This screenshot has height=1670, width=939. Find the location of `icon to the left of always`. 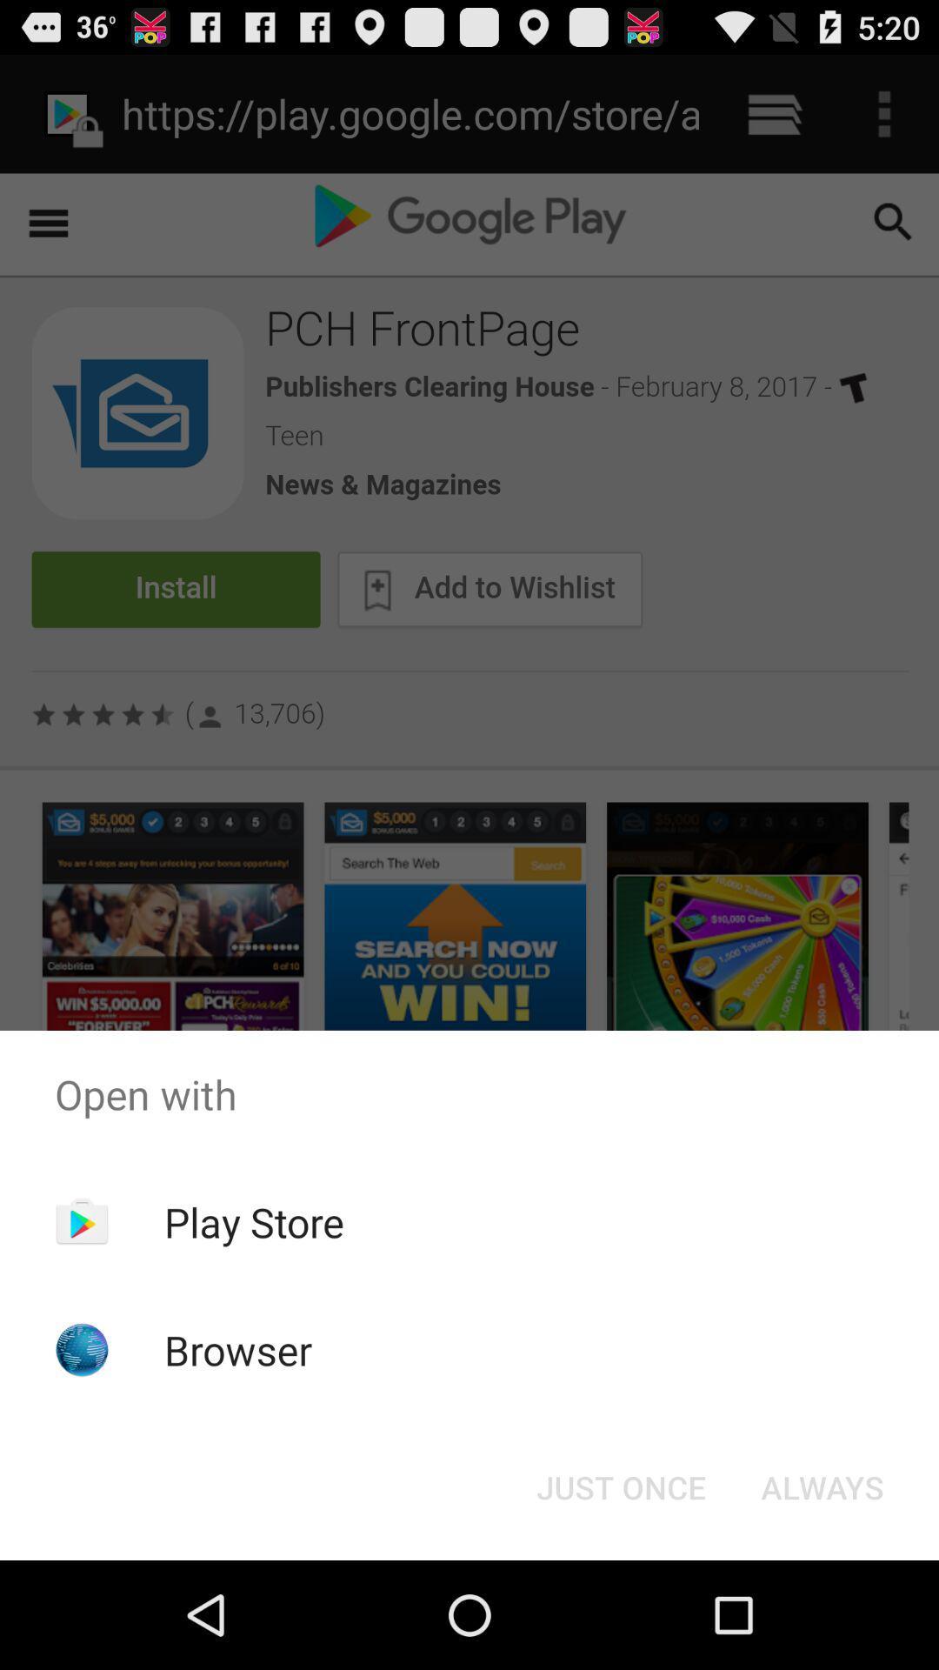

icon to the left of always is located at coordinates (620, 1486).